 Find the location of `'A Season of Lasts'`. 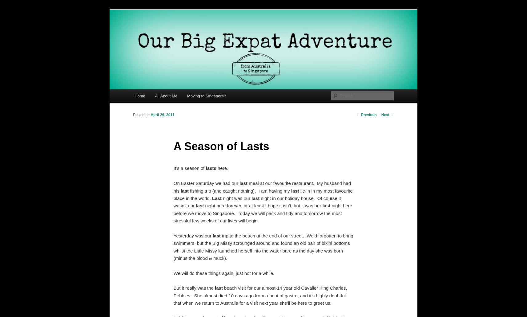

'A Season of Lasts' is located at coordinates (221, 146).